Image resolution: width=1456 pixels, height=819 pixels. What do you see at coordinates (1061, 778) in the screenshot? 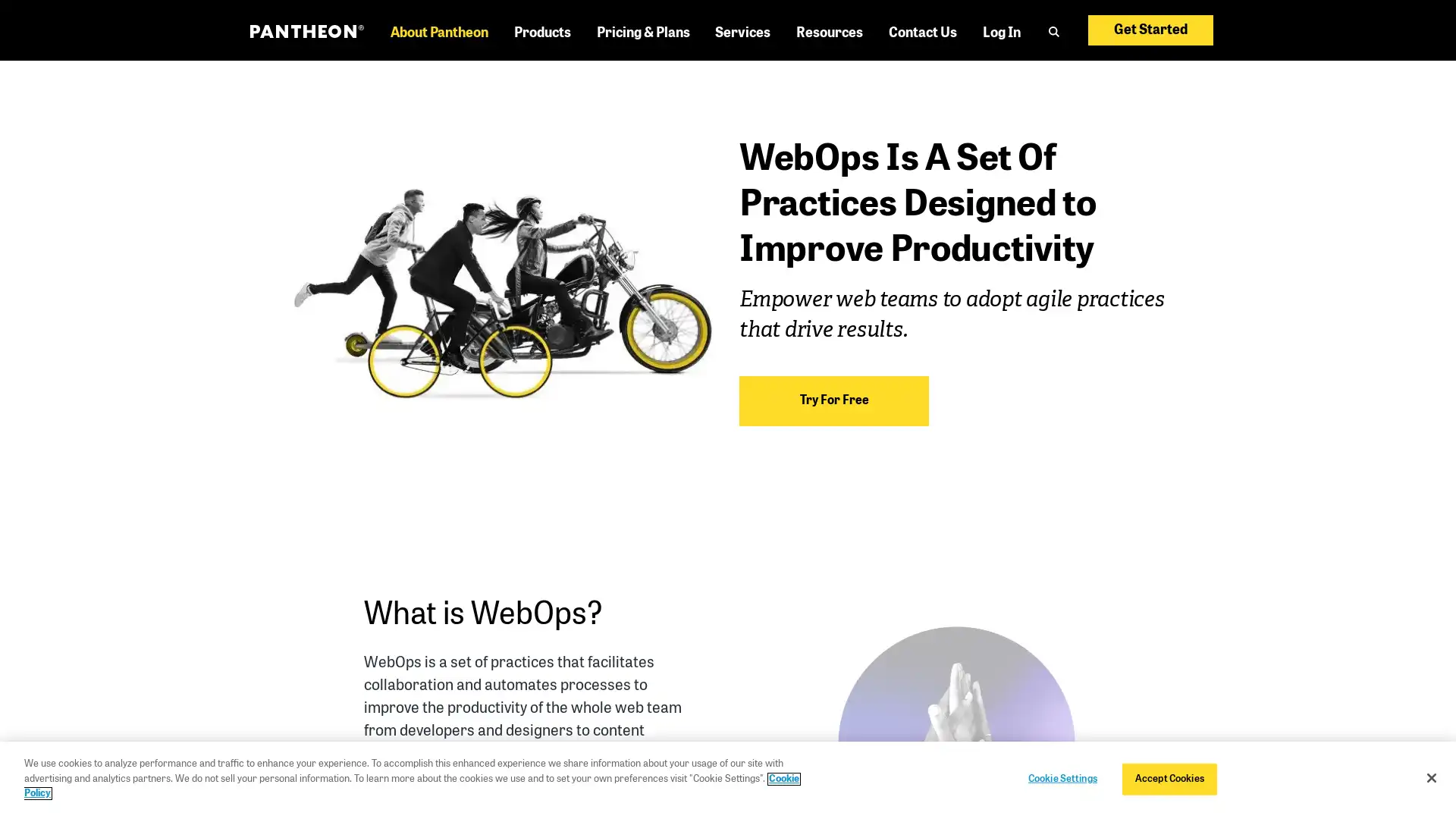
I see `Cookie Settings` at bounding box center [1061, 778].